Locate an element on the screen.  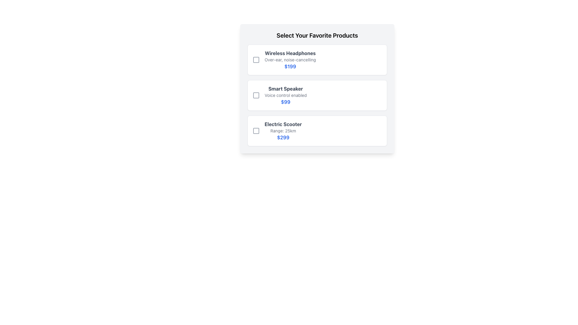
the checkbox or selection indicator located to the left of the 'Wireless Headphones' text is located at coordinates (256, 60).